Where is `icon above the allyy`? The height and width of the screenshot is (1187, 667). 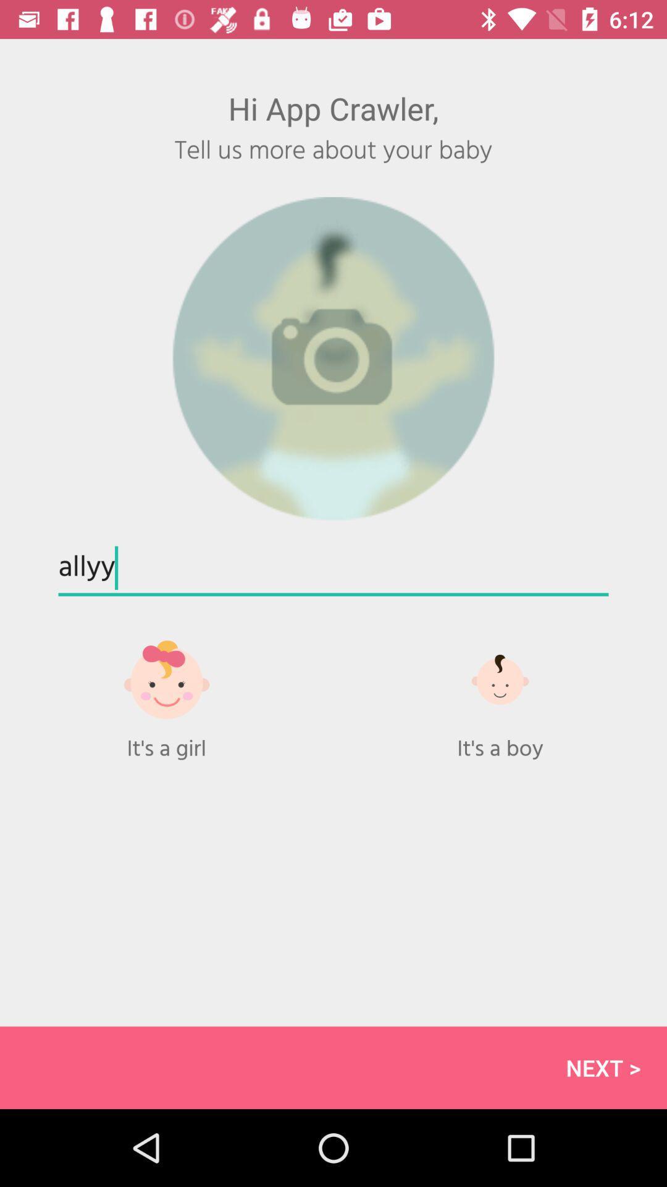
icon above the allyy is located at coordinates (333, 359).